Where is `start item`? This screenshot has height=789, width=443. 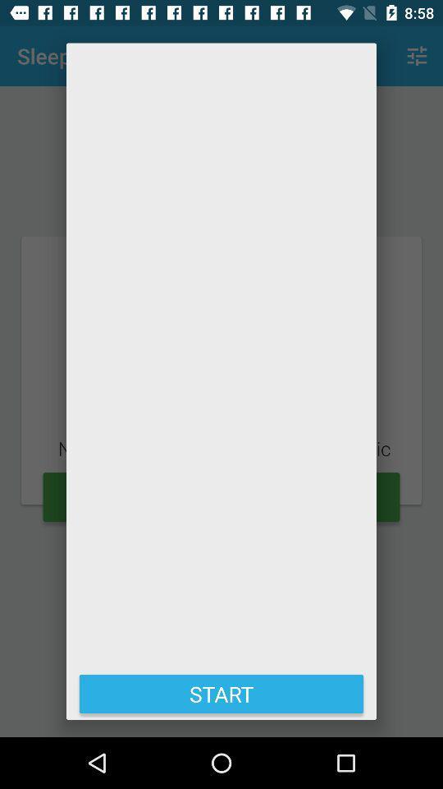 start item is located at coordinates (221, 693).